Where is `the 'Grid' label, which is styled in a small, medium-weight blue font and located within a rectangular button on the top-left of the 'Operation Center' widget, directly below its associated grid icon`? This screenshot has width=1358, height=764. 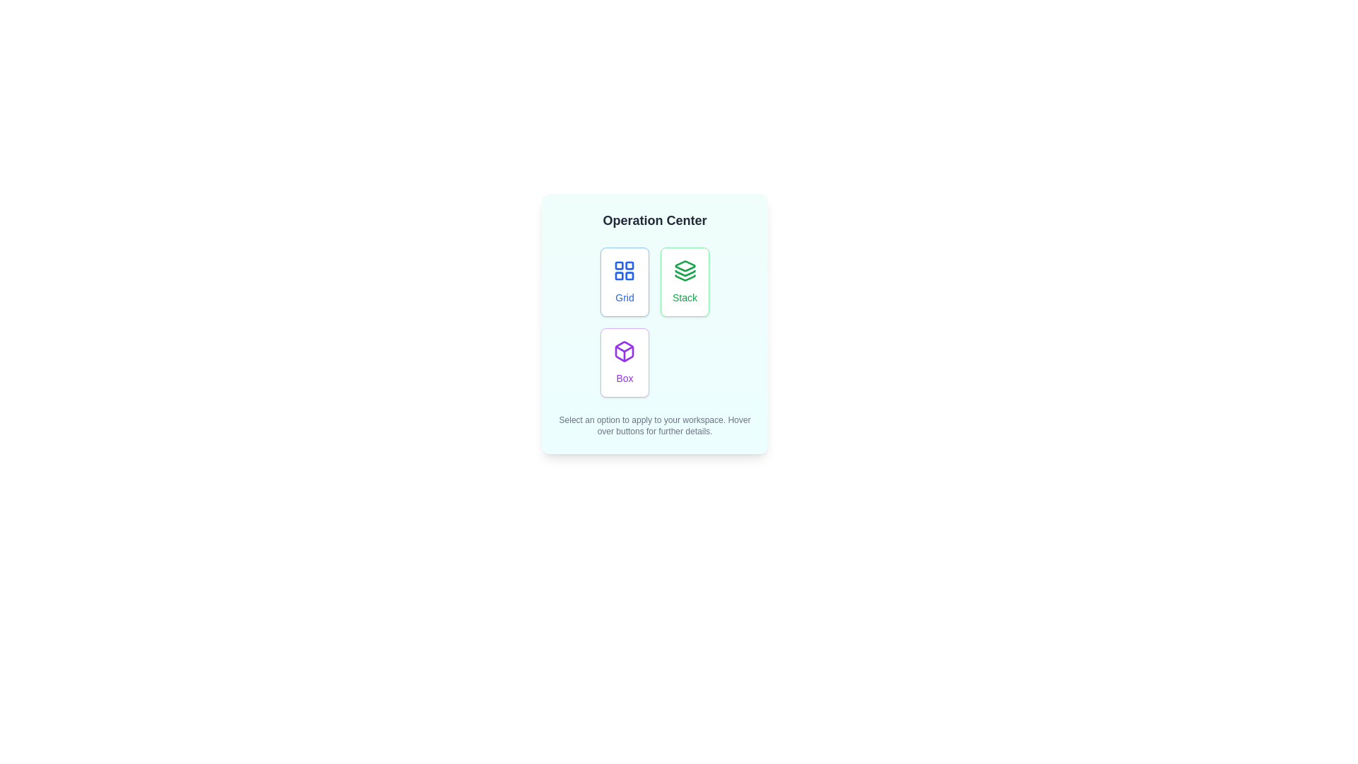 the 'Grid' label, which is styled in a small, medium-weight blue font and located within a rectangular button on the top-left of the 'Operation Center' widget, directly below its associated grid icon is located at coordinates (624, 296).